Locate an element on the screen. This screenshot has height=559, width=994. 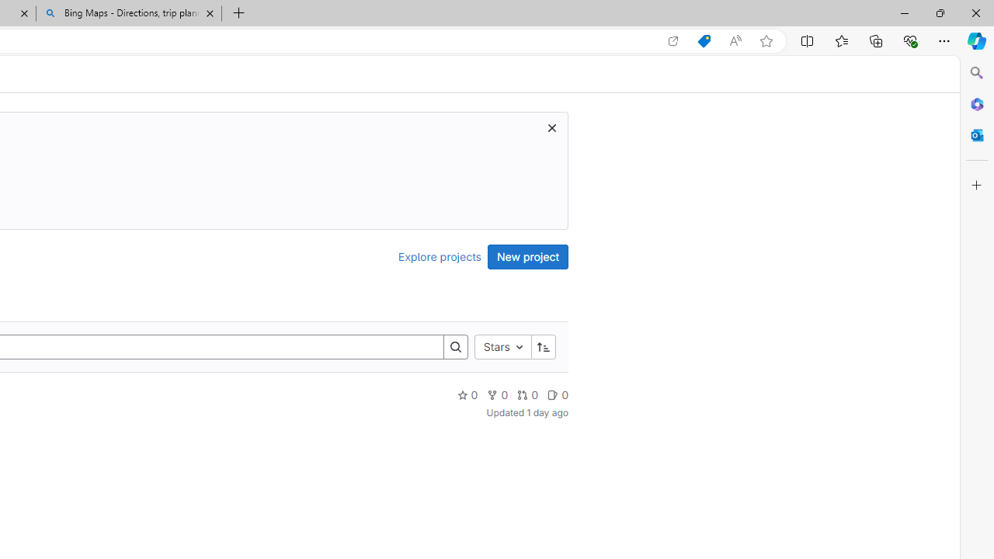
'New project' is located at coordinates (528, 255).